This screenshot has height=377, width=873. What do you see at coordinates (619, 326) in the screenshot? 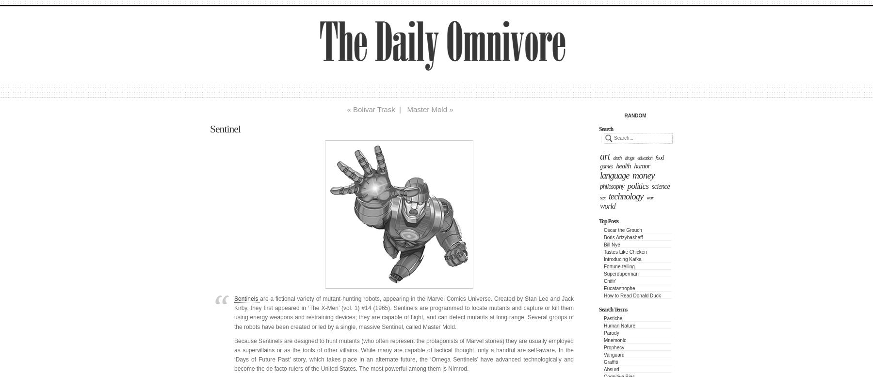
I see `'Human Nature'` at bounding box center [619, 326].